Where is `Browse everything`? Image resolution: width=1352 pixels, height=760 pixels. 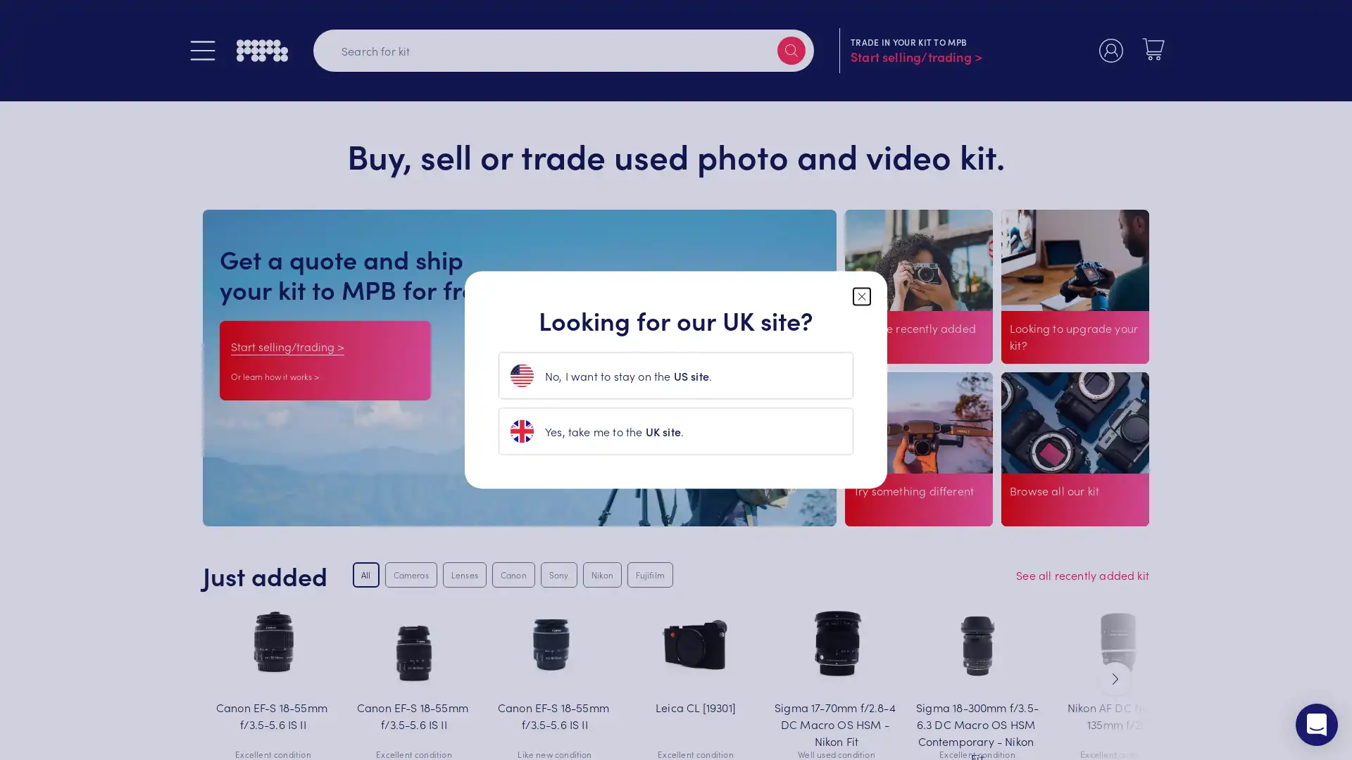 Browse everything is located at coordinates (1058, 511).